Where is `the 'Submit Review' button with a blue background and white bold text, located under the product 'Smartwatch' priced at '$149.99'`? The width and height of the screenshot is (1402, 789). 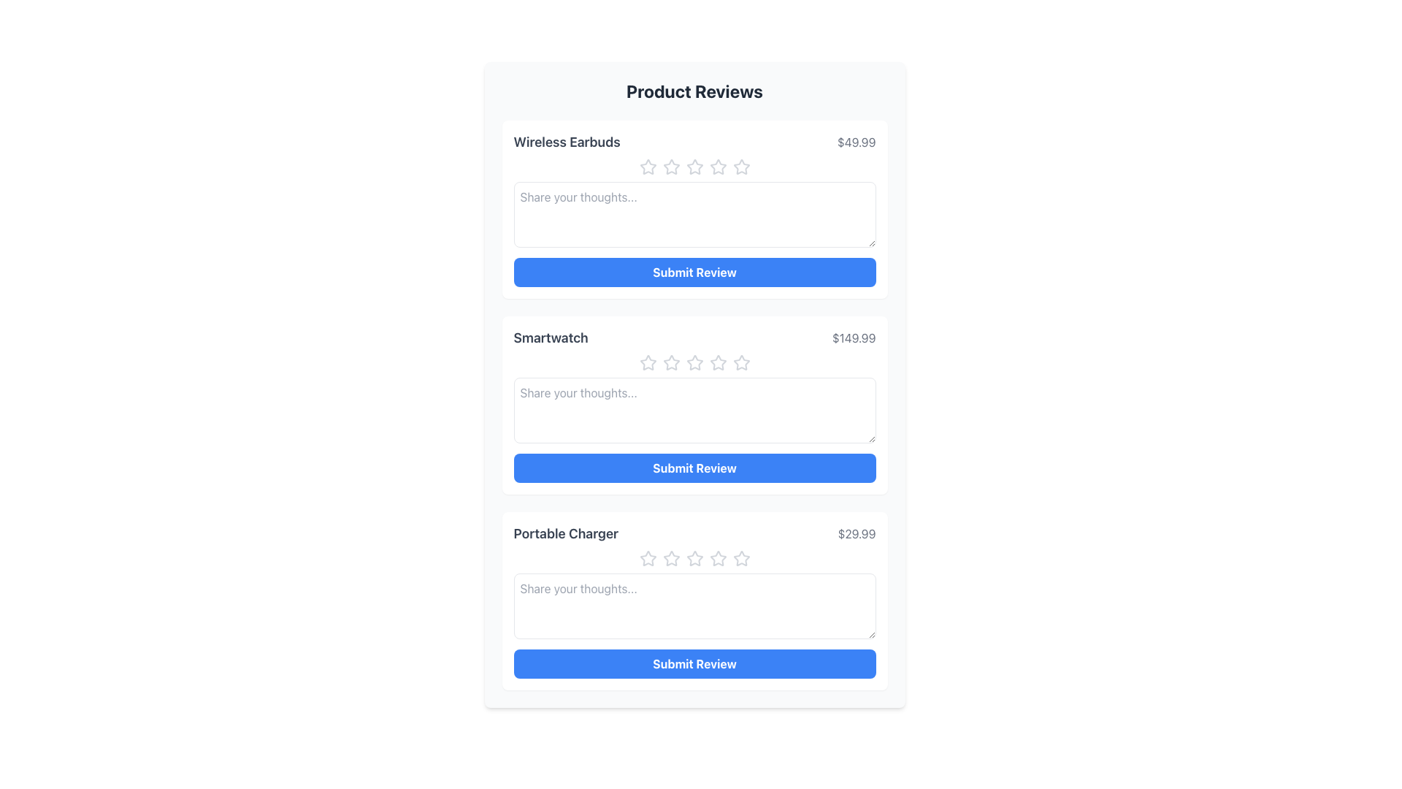
the 'Submit Review' button with a blue background and white bold text, located under the product 'Smartwatch' priced at '$149.99' is located at coordinates (694, 468).